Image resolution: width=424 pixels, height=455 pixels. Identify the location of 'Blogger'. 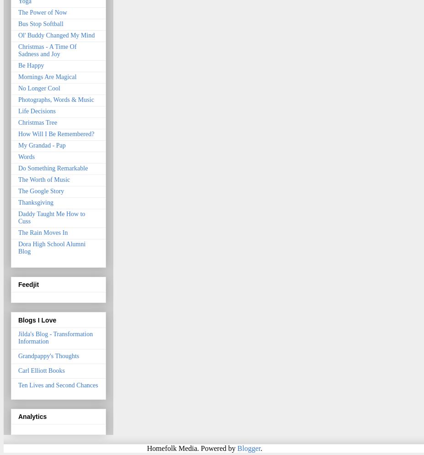
(237, 447).